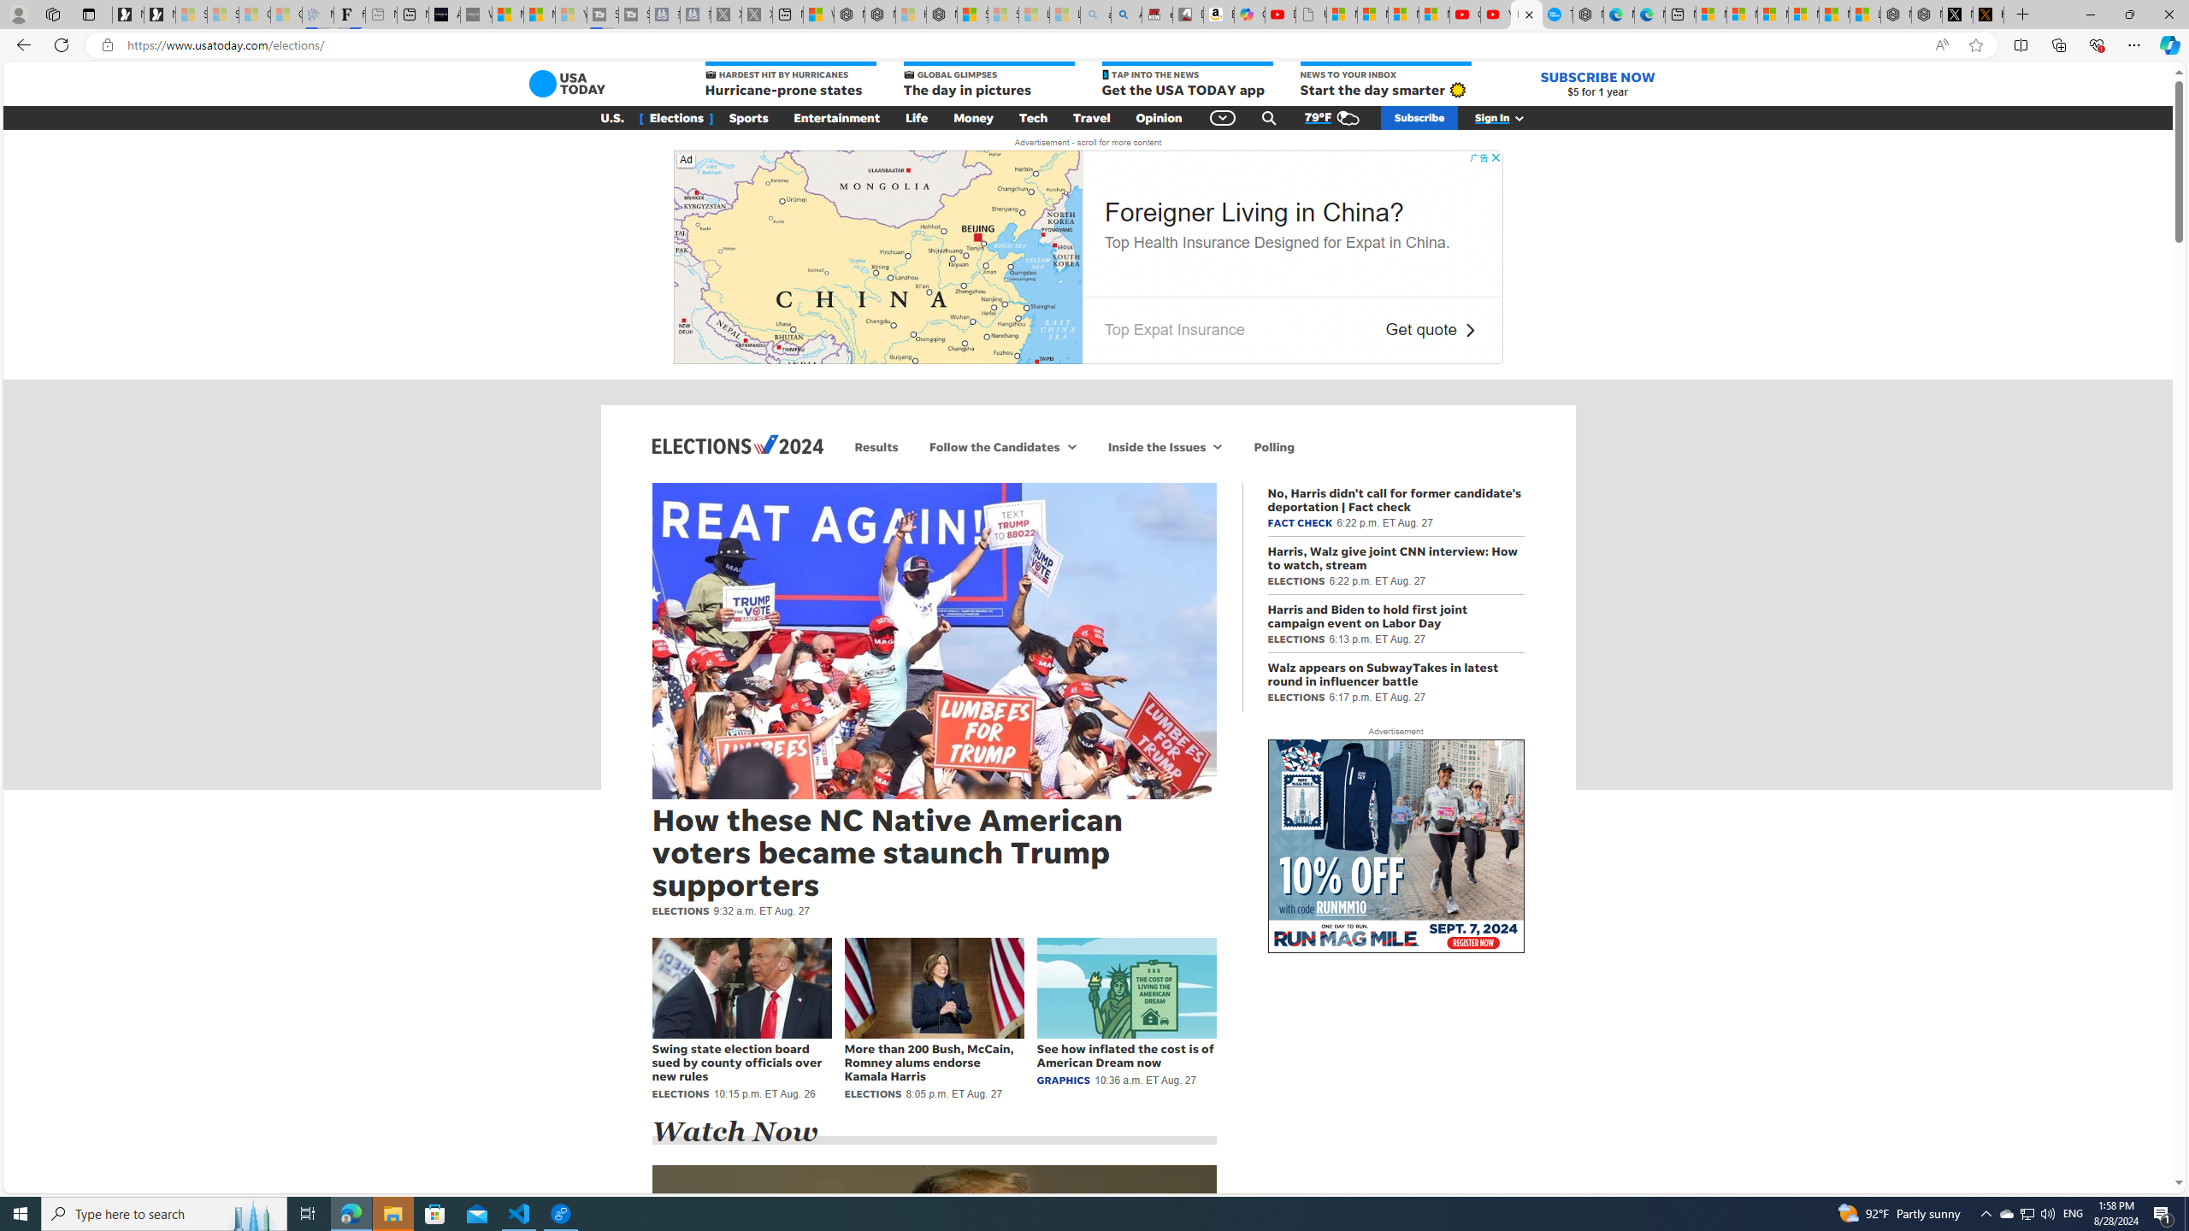 This screenshot has height=1231, width=2189. I want to click on 'Class: gnt_n_dd_bt_svg', so click(1223, 117).